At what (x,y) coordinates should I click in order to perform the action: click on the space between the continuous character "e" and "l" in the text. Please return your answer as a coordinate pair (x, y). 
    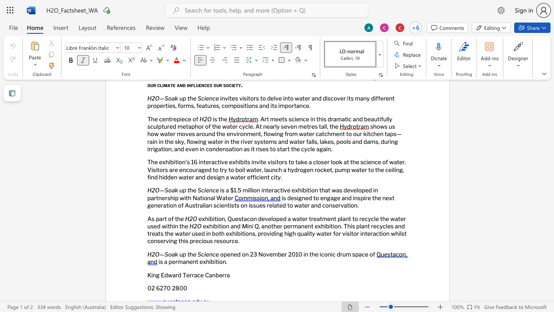
    Looking at the image, I should click on (356, 190).